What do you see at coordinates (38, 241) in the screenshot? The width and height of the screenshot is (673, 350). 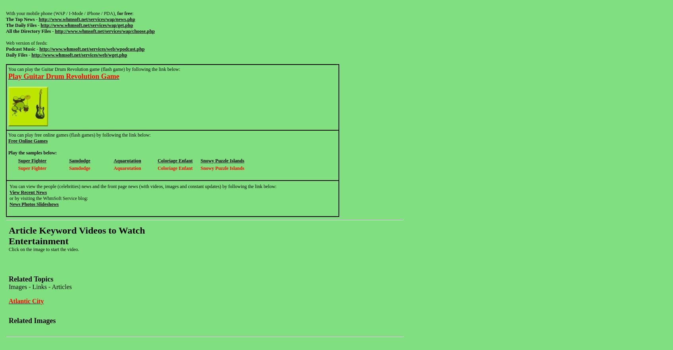 I see `'Entertainment'` at bounding box center [38, 241].